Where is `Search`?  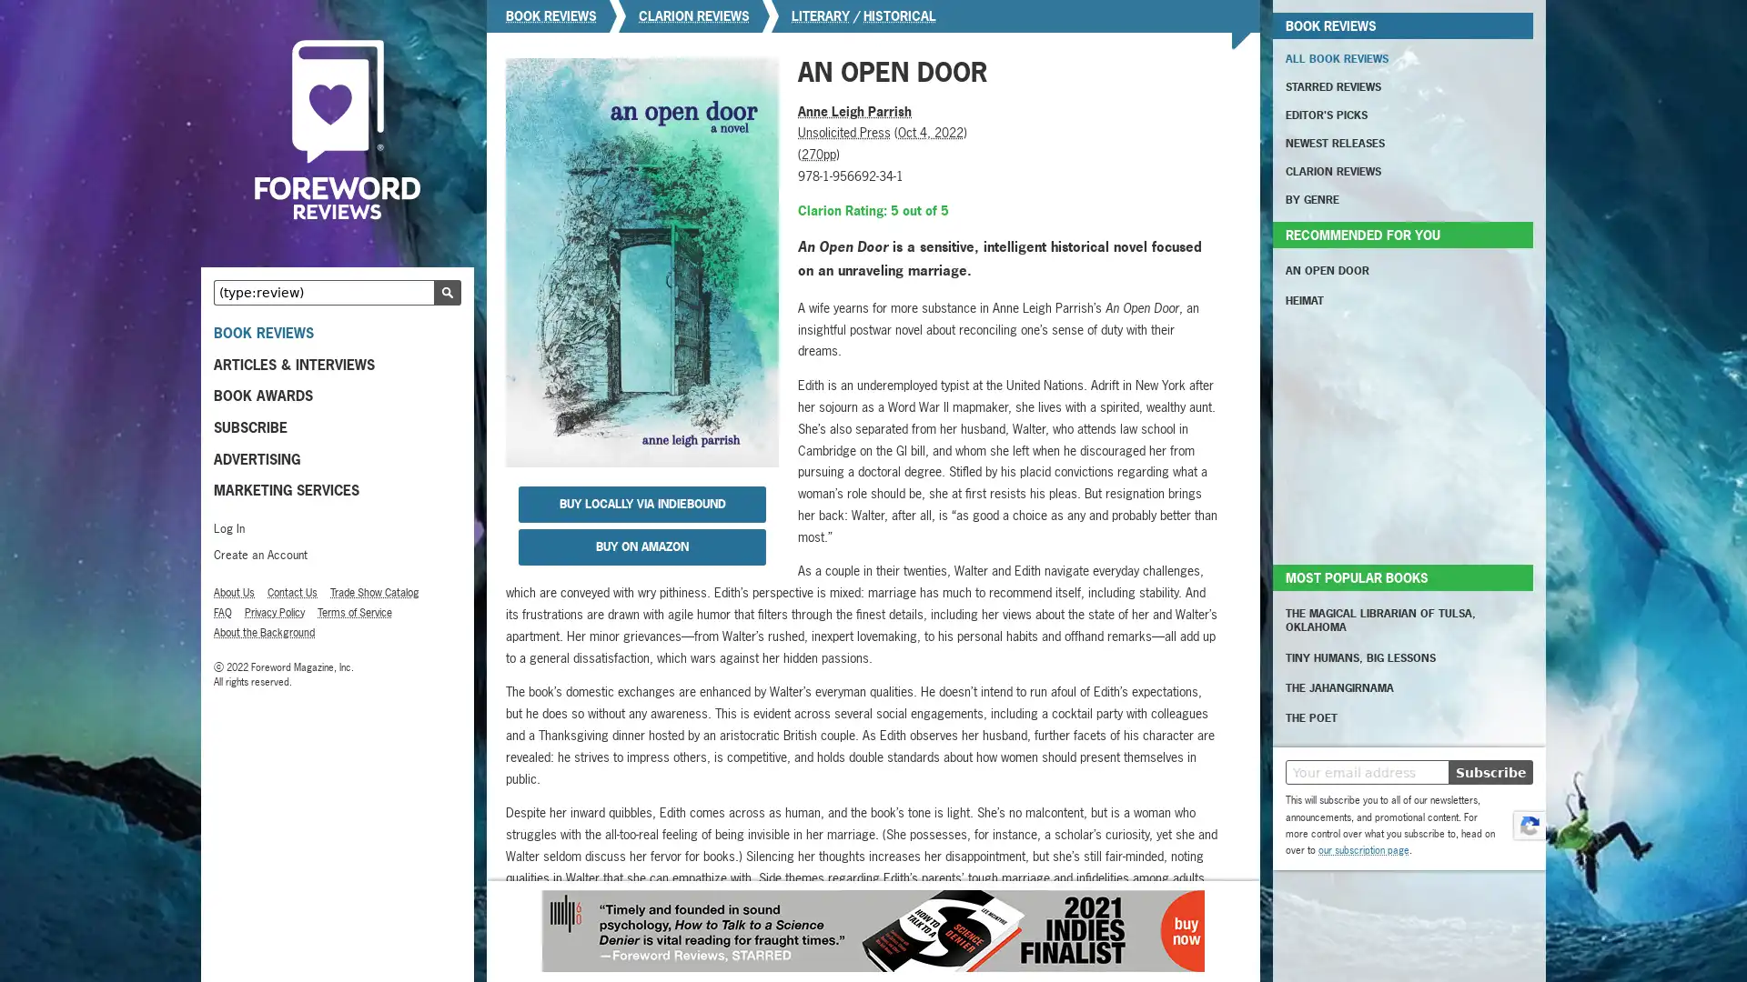
Search is located at coordinates (447, 291).